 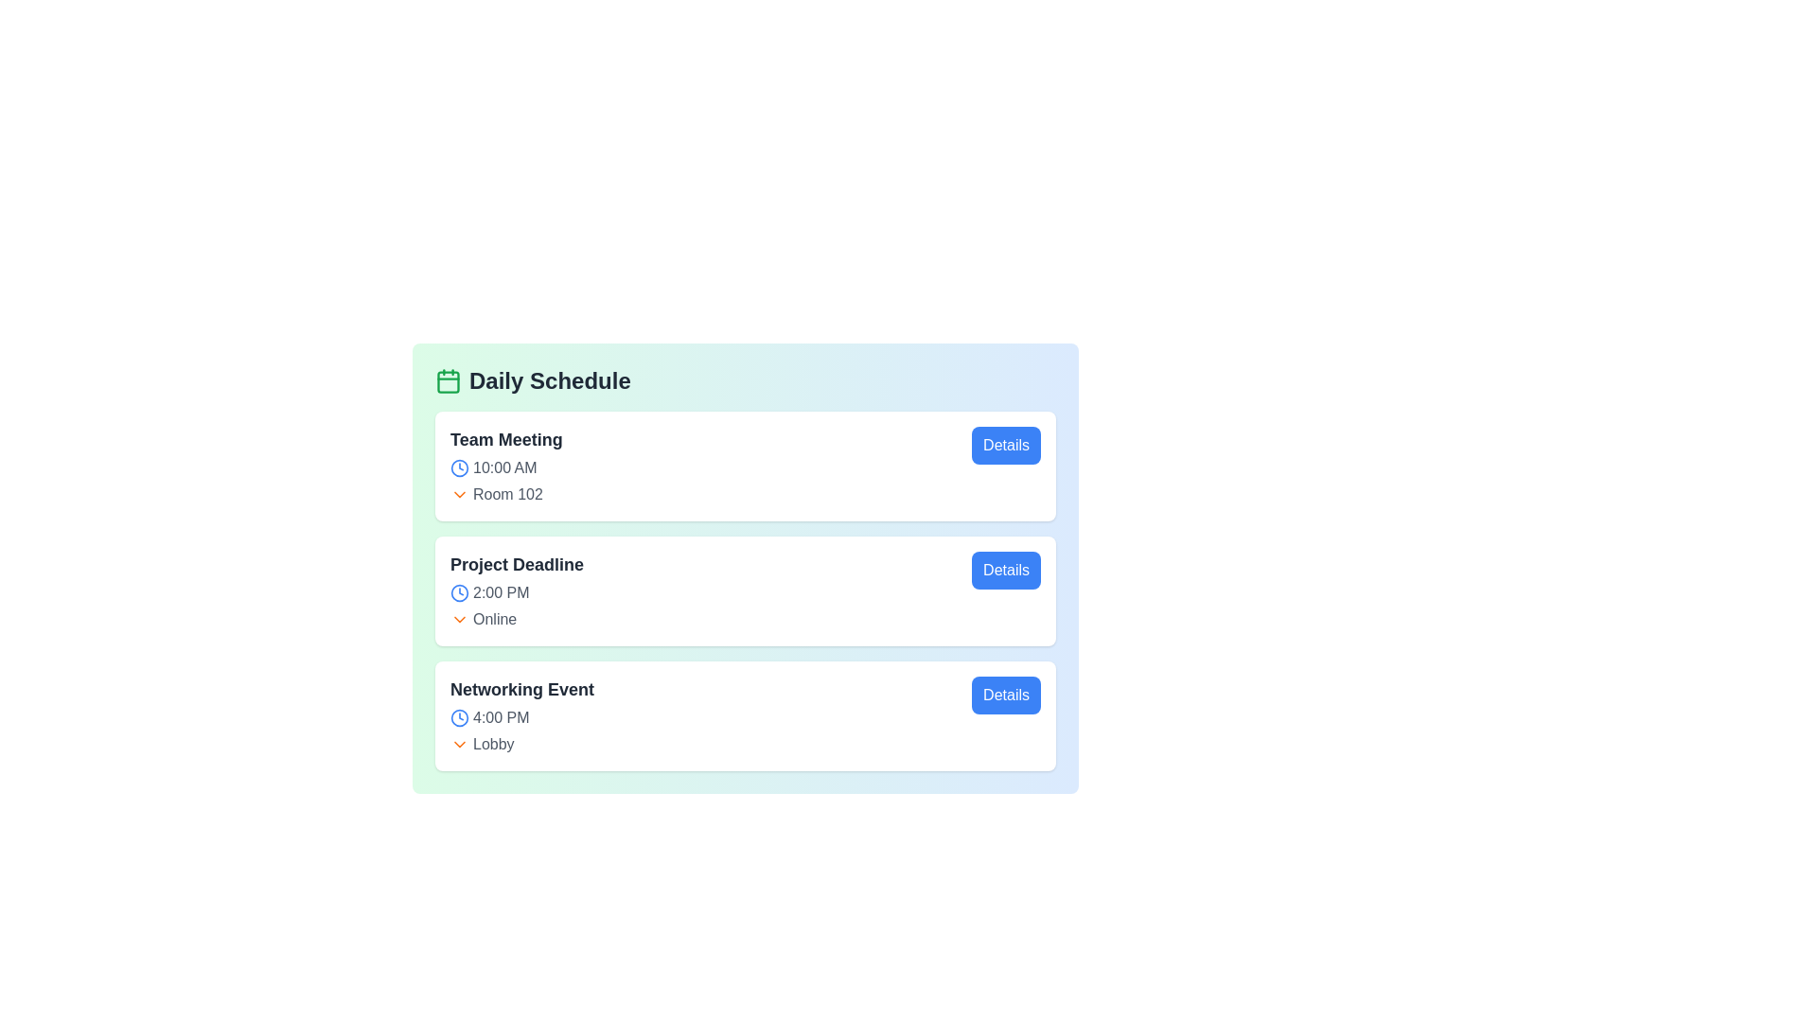 What do you see at coordinates (501, 592) in the screenshot?
I see `the static text displaying '2:00 PM' in gray sans-serif font, which is part of the 'Project Deadline' event section in the schedule interface` at bounding box center [501, 592].